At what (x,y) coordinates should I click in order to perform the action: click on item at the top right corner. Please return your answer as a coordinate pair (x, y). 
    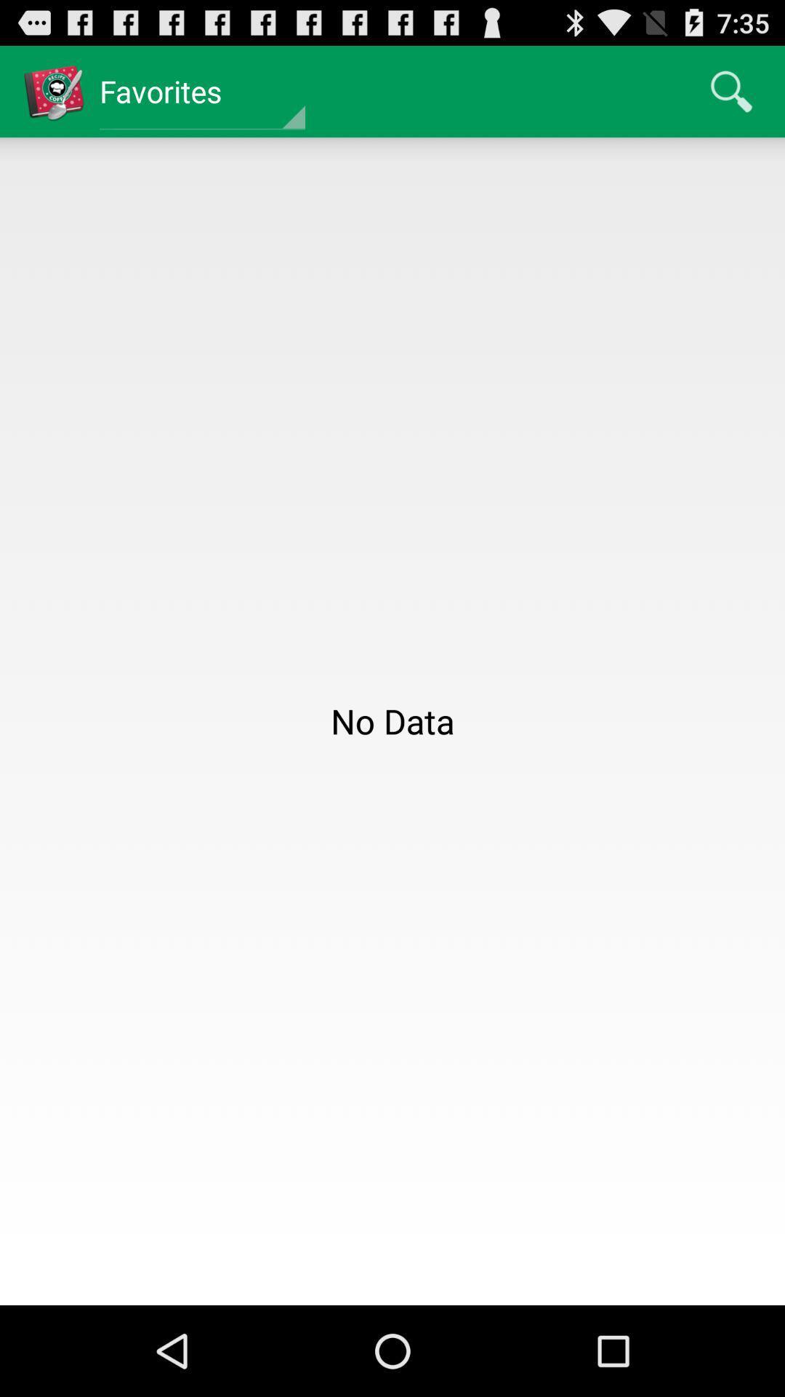
    Looking at the image, I should click on (731, 90).